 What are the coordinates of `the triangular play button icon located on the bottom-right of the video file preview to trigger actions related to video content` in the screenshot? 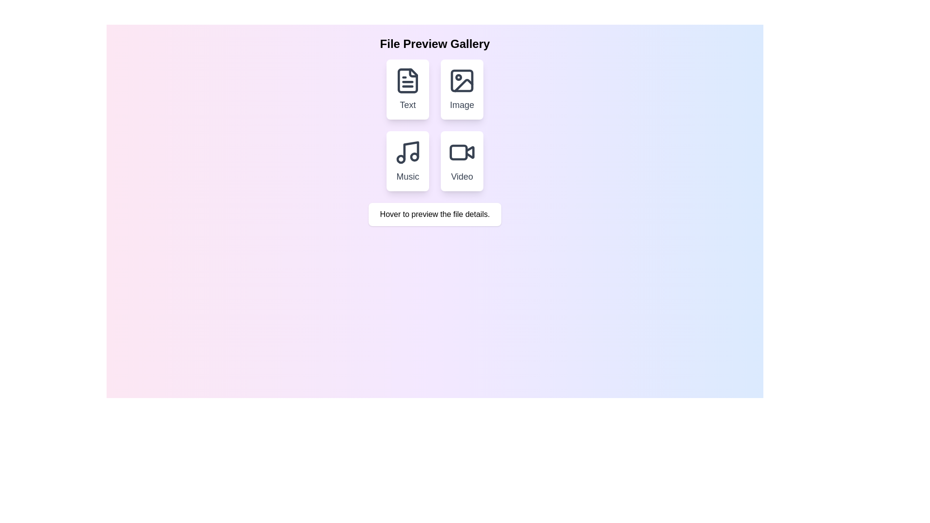 It's located at (469, 152).